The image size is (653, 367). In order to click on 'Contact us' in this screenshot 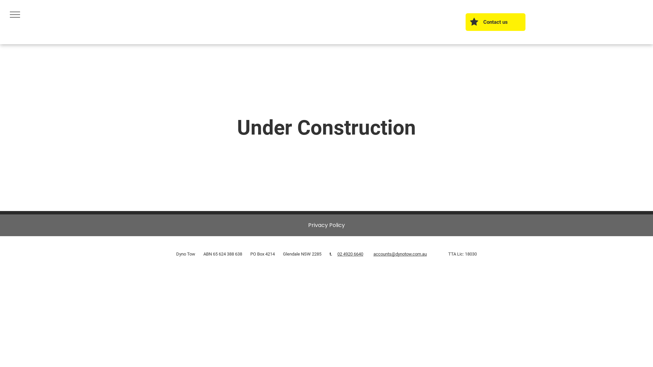, I will do `click(465, 22)`.